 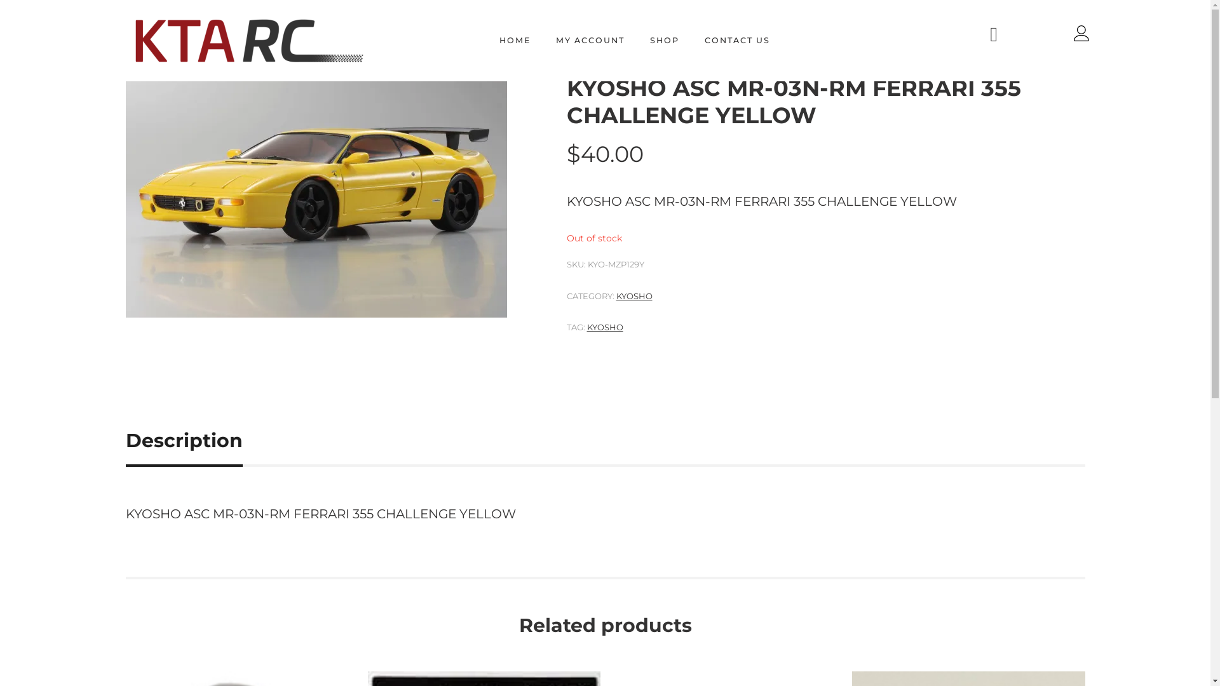 What do you see at coordinates (515, 40) in the screenshot?
I see `'HOME'` at bounding box center [515, 40].